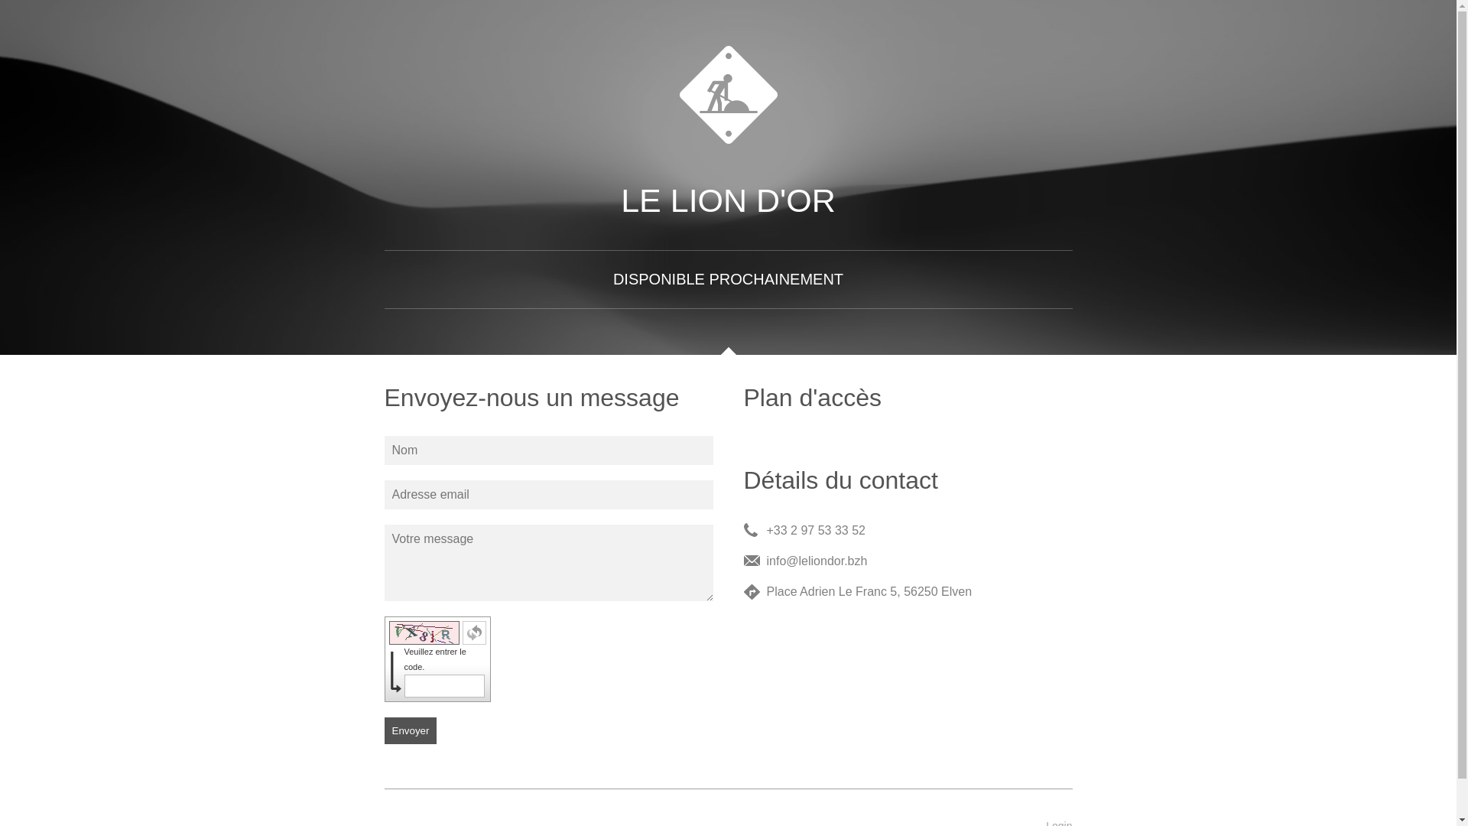 This screenshot has height=826, width=1468. I want to click on 'Envoyer', so click(410, 730).